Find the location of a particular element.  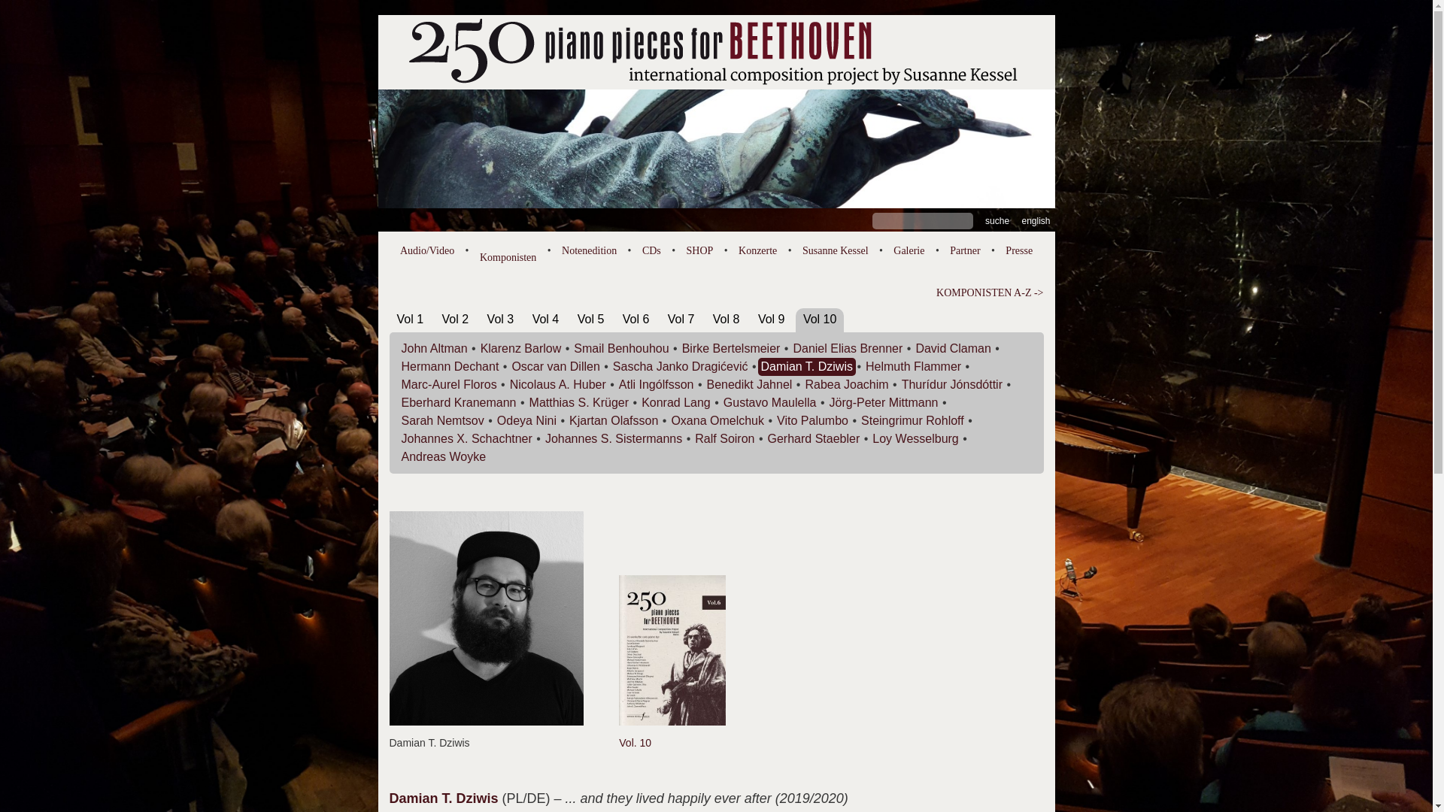

'Vol 6' is located at coordinates (623, 318).